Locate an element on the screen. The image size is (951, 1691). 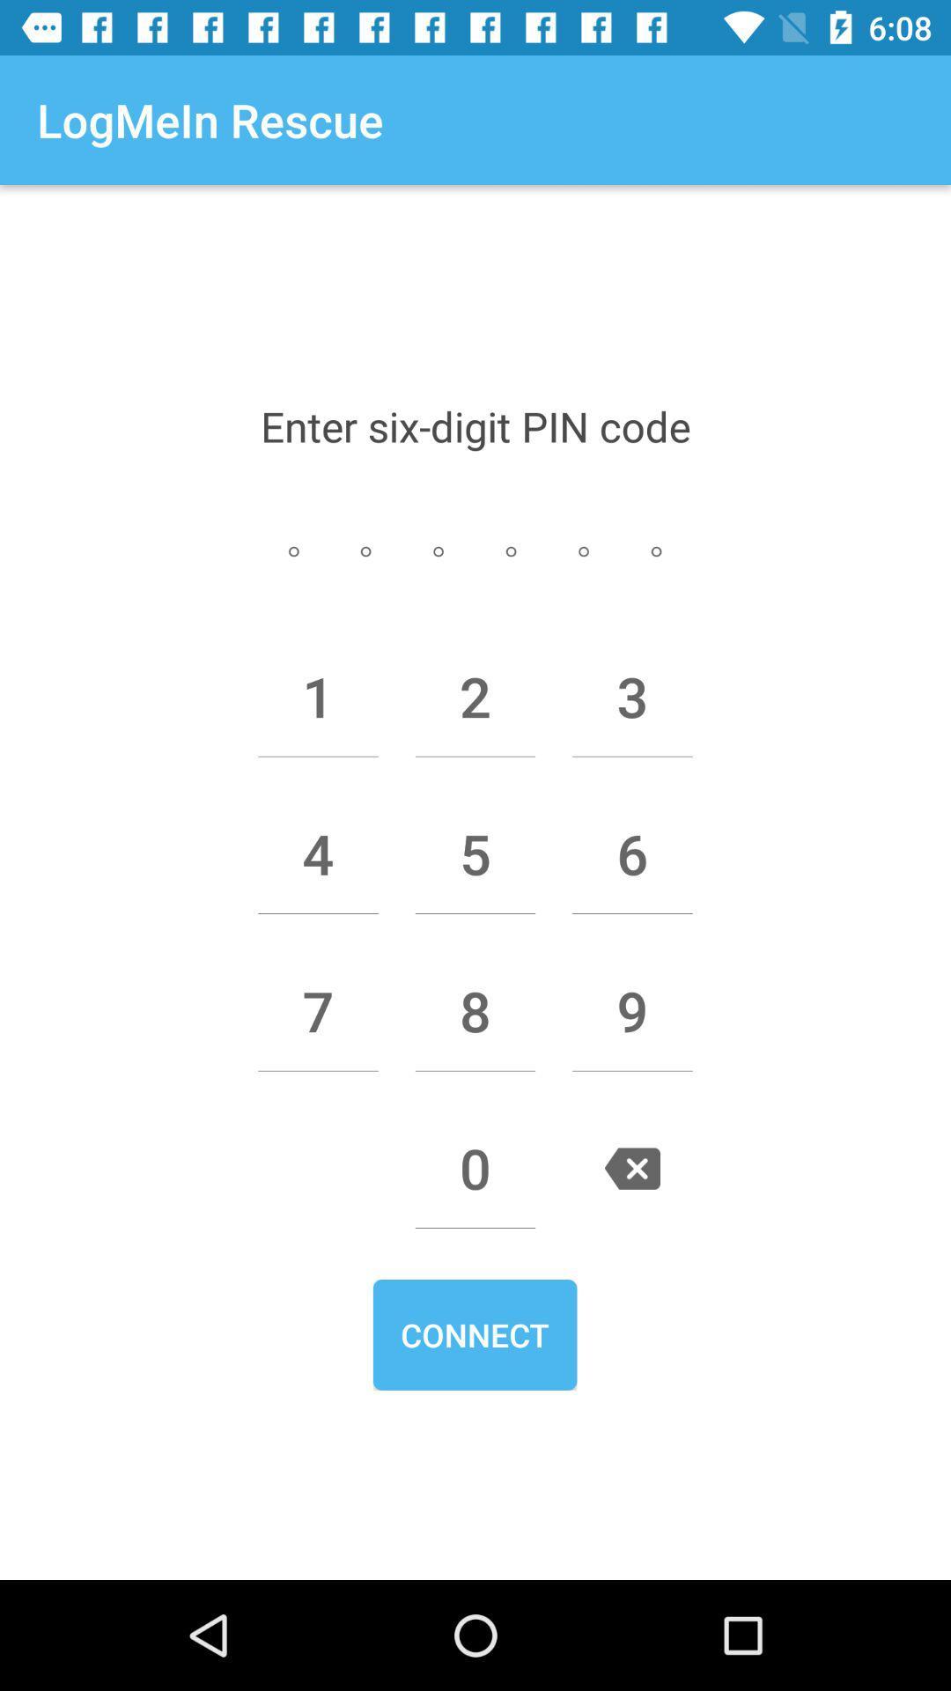
the item next to the 5 is located at coordinates (631, 853).